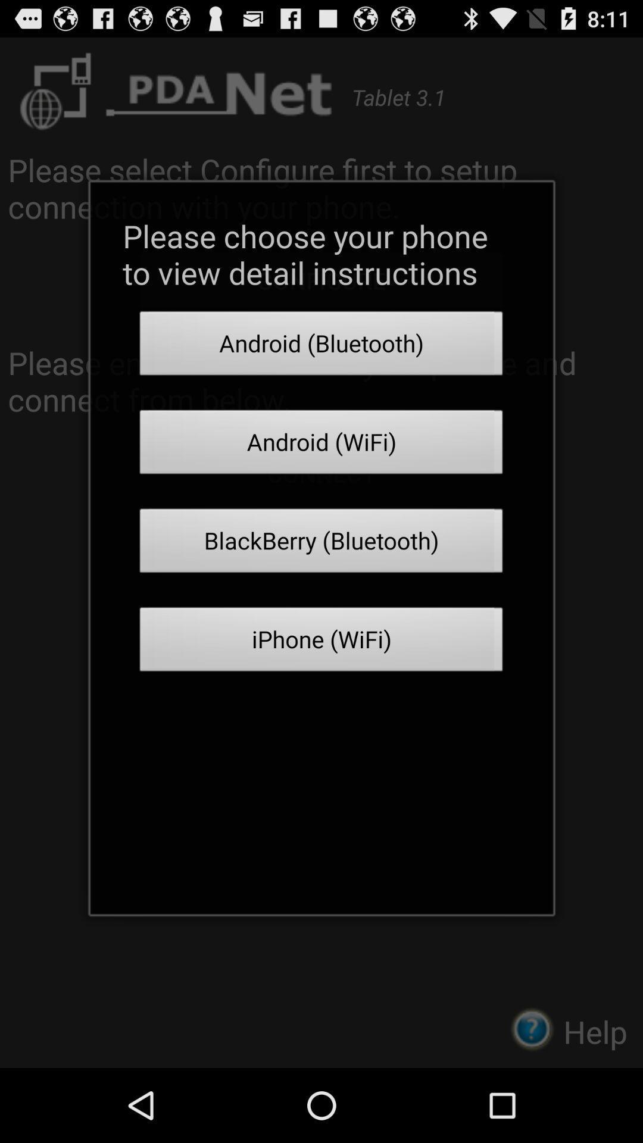 The width and height of the screenshot is (643, 1143). Describe the element at coordinates (321, 544) in the screenshot. I see `the item above the iphone (wifi) button` at that location.